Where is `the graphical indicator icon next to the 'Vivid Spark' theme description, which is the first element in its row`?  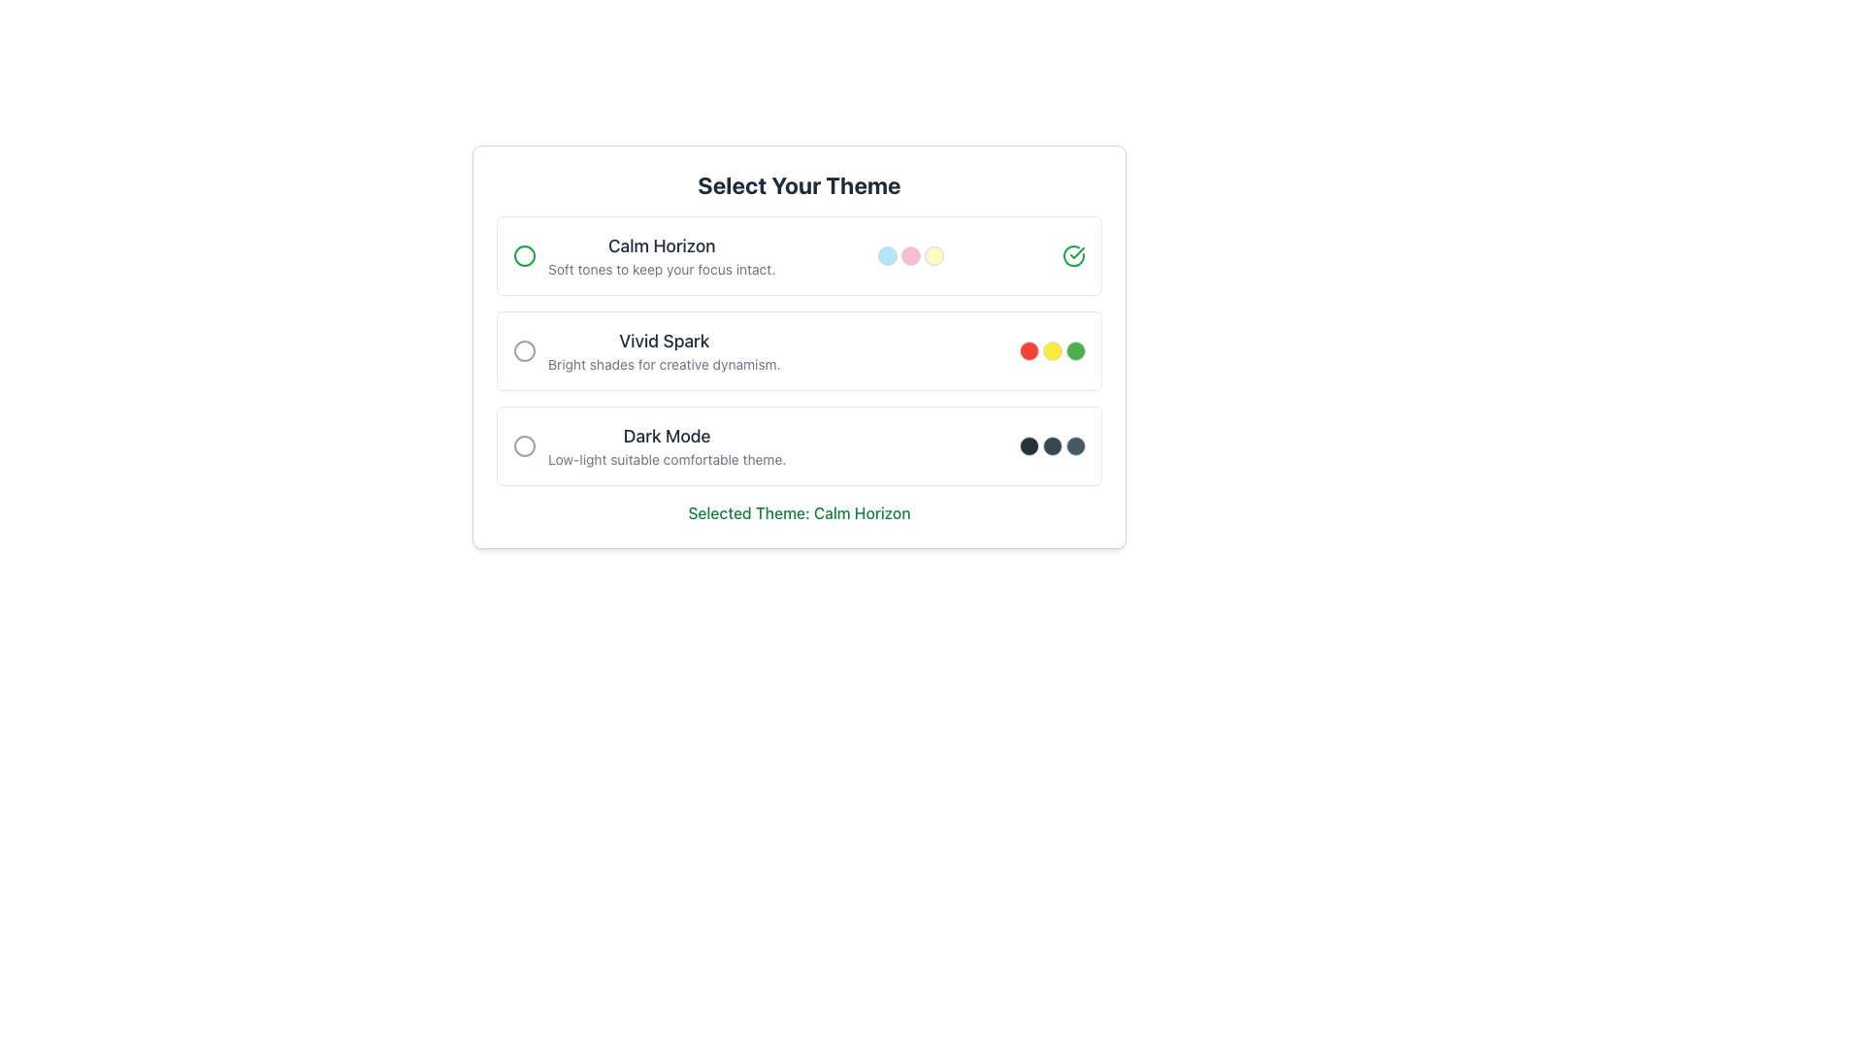 the graphical indicator icon next to the 'Vivid Spark' theme description, which is the first element in its row is located at coordinates (525, 351).